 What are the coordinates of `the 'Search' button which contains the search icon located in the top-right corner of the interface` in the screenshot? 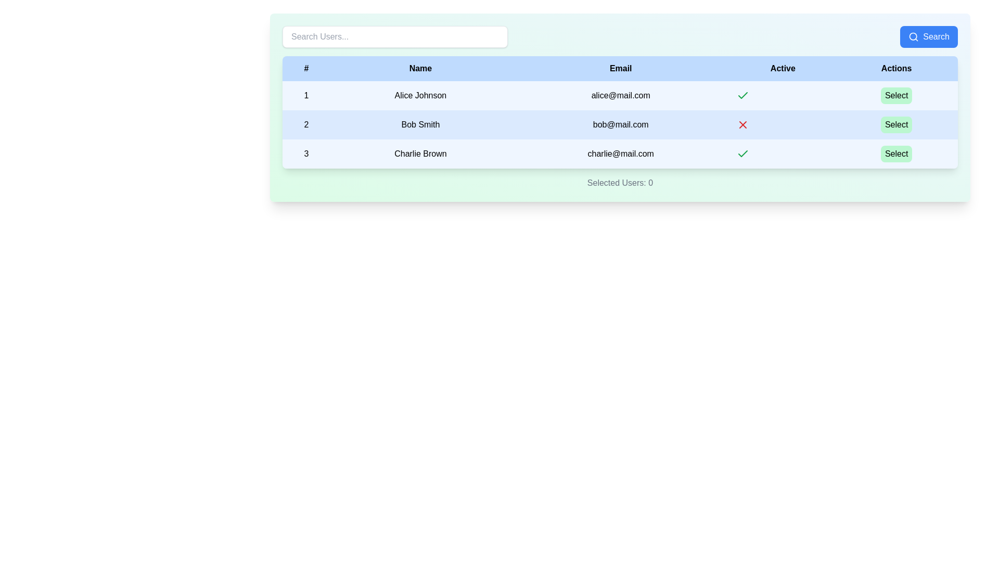 It's located at (913, 36).